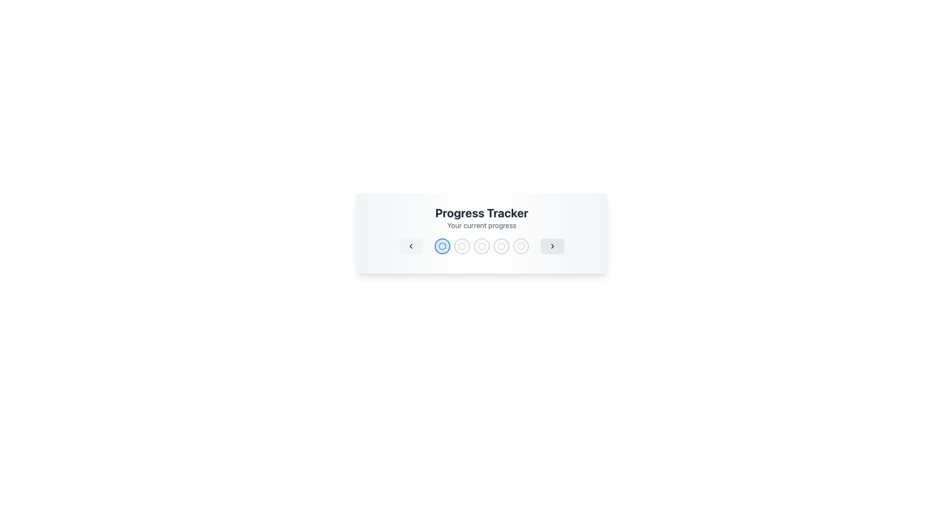 The height and width of the screenshot is (531, 944). What do you see at coordinates (462, 246) in the screenshot?
I see `the second circular indicator icon in the Progress Tracker section` at bounding box center [462, 246].